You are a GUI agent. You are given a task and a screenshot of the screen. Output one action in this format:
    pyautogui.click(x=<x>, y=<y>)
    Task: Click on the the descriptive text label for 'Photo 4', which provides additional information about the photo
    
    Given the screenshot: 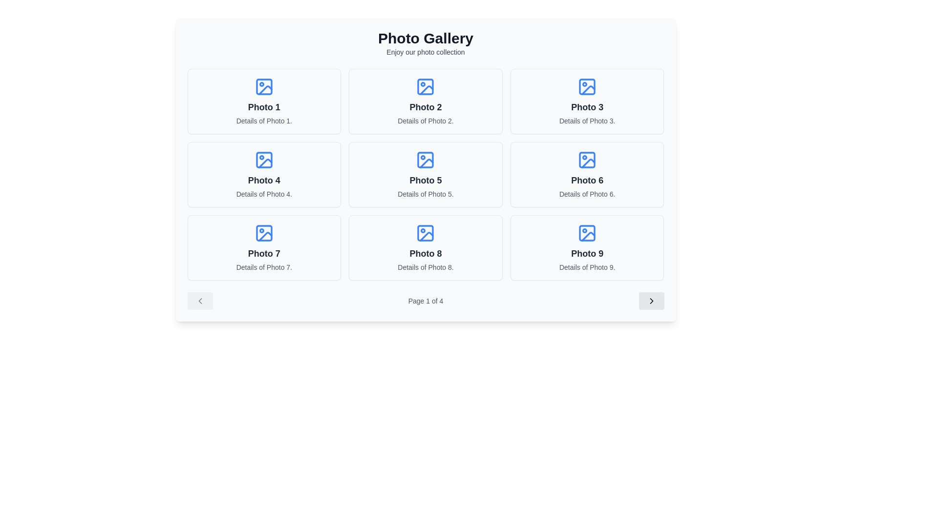 What is the action you would take?
    pyautogui.click(x=264, y=194)
    